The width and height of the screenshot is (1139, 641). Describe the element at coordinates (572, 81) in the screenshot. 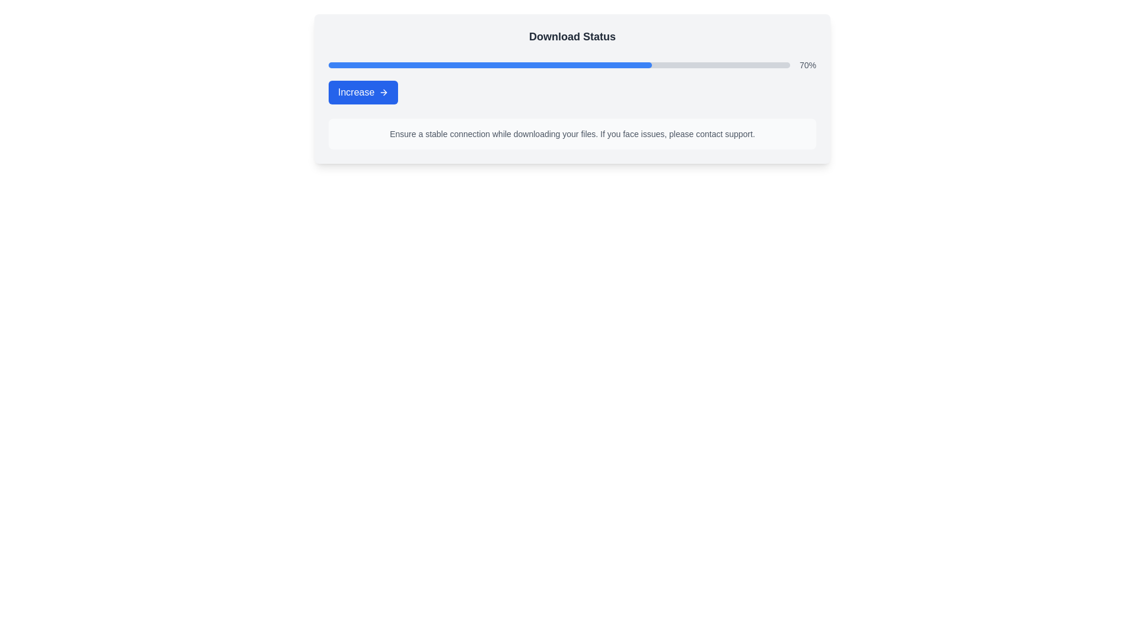

I see `progress information from the Composite component displaying a blue progress bar and an action button labeled 'Increase' within the 'Download Status' card` at that location.